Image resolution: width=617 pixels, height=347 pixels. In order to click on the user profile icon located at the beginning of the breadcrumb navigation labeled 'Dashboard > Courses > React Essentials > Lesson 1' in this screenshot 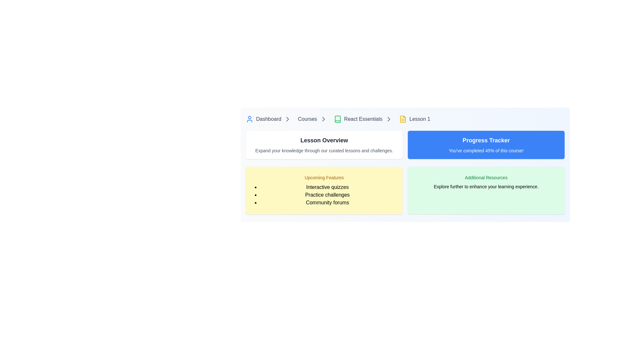, I will do `click(249, 119)`.